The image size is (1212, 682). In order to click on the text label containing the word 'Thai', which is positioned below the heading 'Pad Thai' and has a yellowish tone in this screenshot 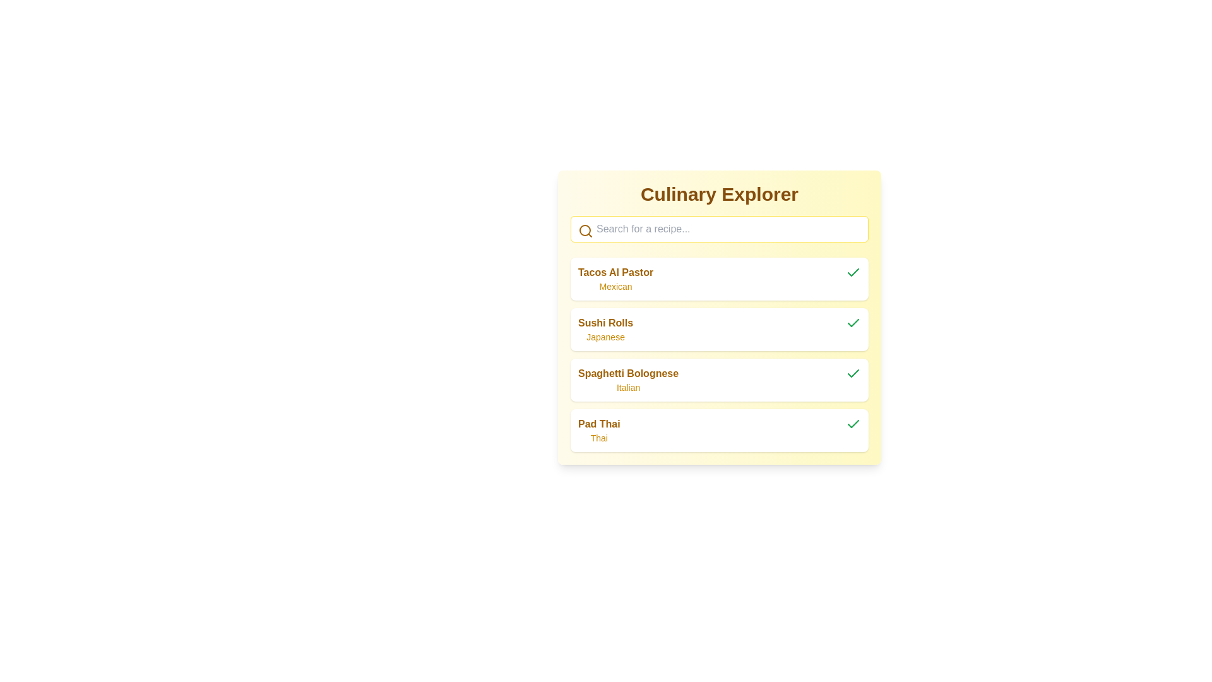, I will do `click(598, 438)`.